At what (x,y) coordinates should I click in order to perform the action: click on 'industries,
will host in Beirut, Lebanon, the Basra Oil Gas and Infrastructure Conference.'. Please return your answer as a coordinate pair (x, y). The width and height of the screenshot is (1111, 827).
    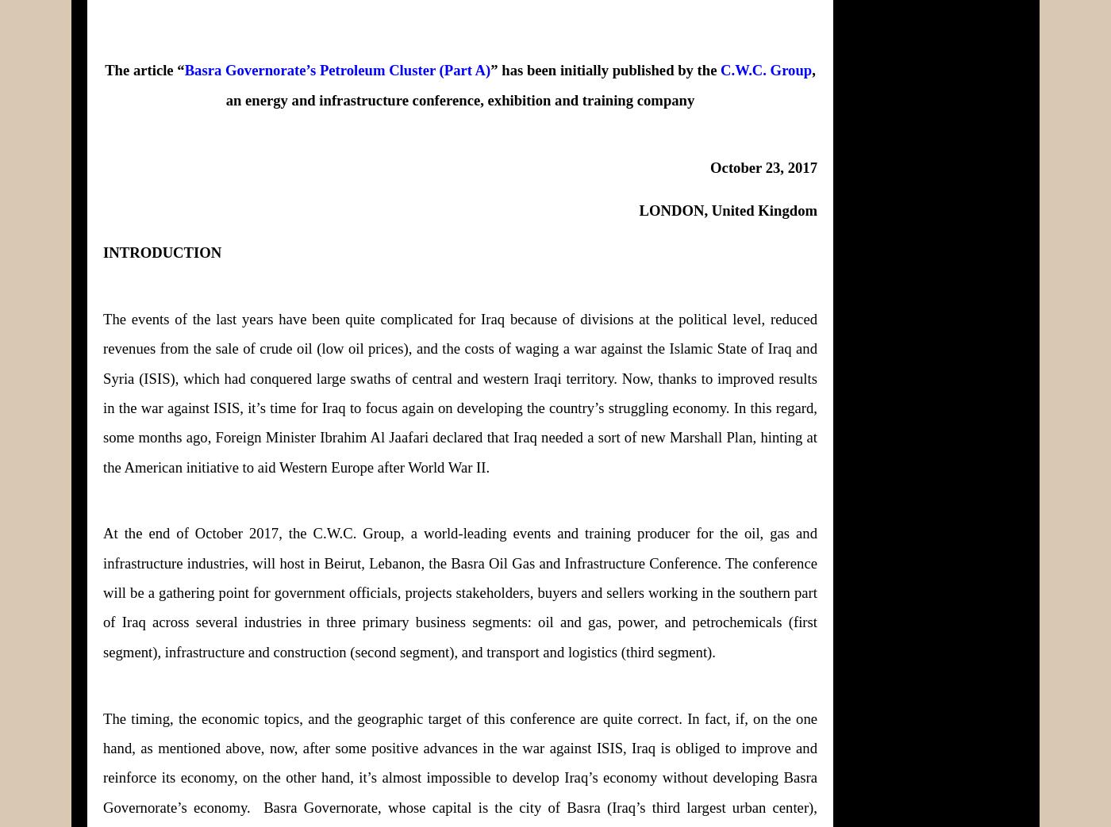
    Looking at the image, I should click on (453, 562).